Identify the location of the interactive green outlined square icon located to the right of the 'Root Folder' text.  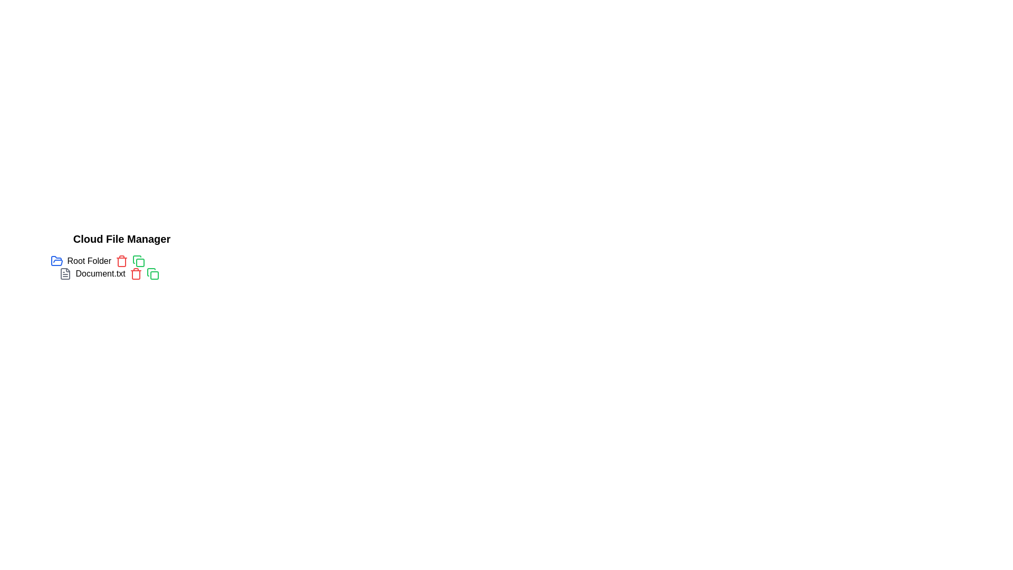
(138, 261).